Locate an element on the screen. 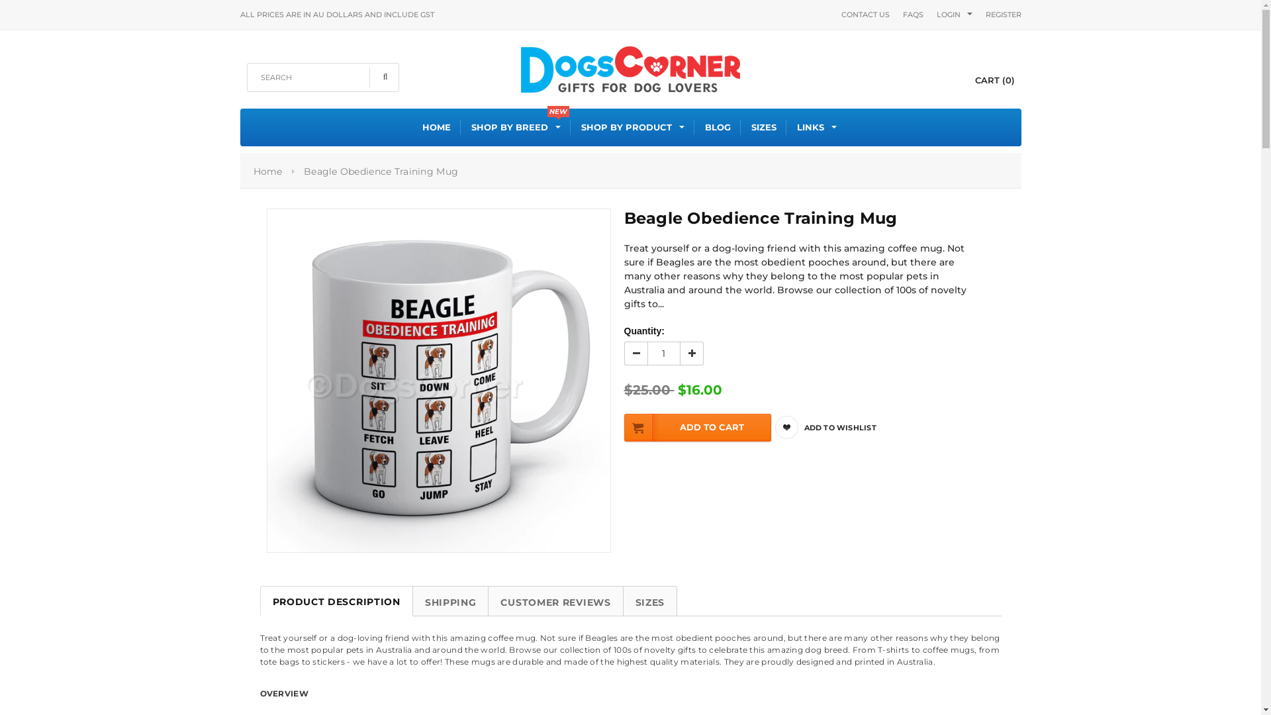  'SHOP BY BREED' is located at coordinates (471, 127).